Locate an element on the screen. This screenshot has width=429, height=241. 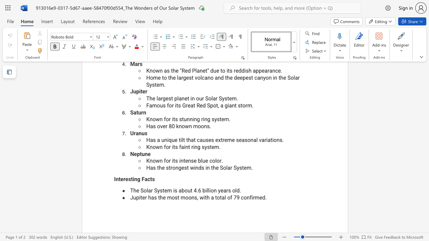
the subset text "s faint ring system." within the text "Known for its faint ring system." is located at coordinates (175, 147).